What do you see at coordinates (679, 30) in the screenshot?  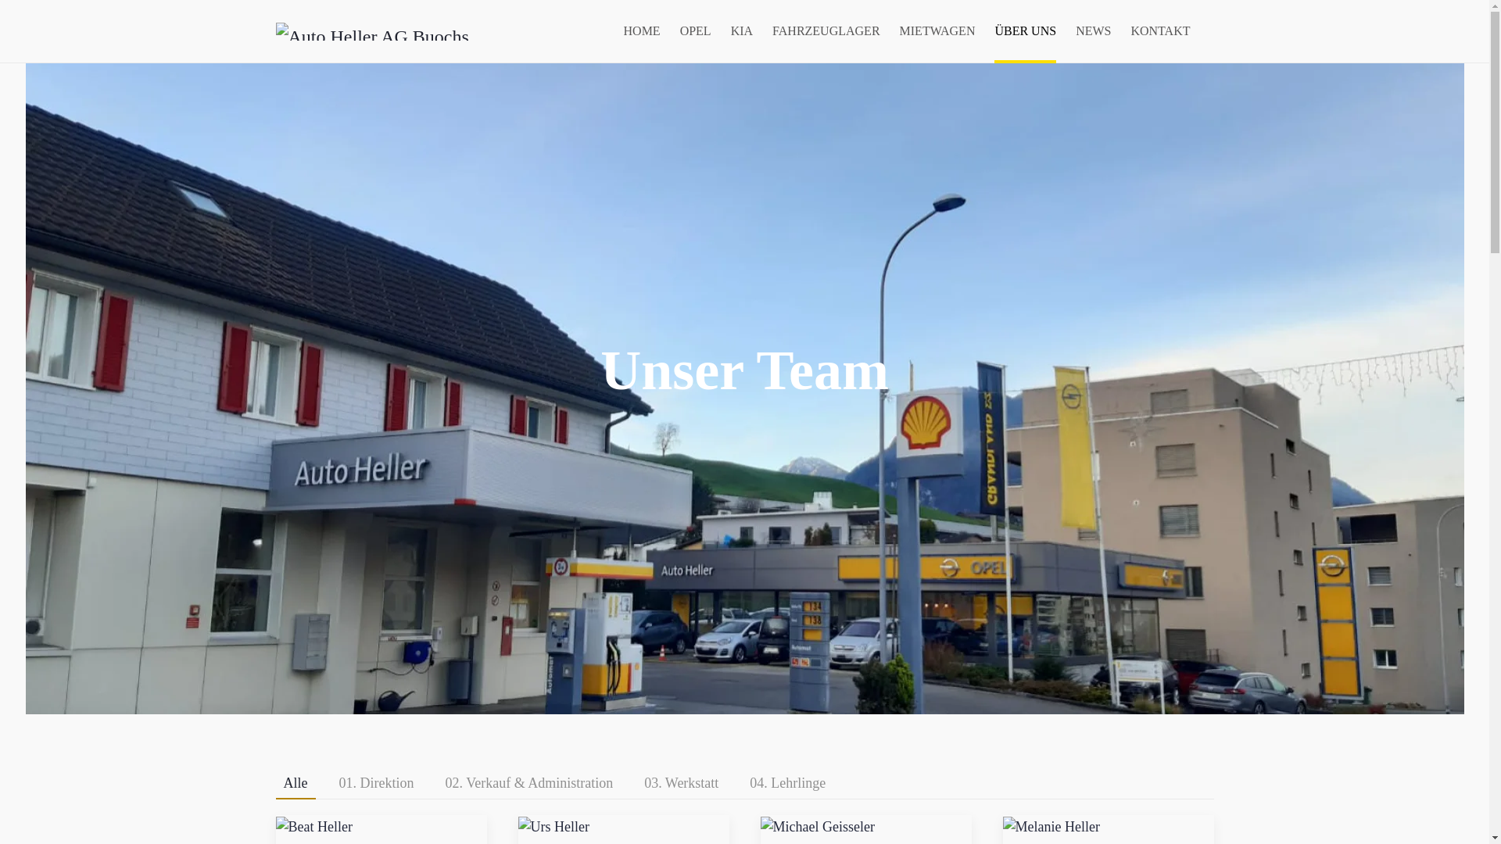 I see `'OPEL'` at bounding box center [679, 30].